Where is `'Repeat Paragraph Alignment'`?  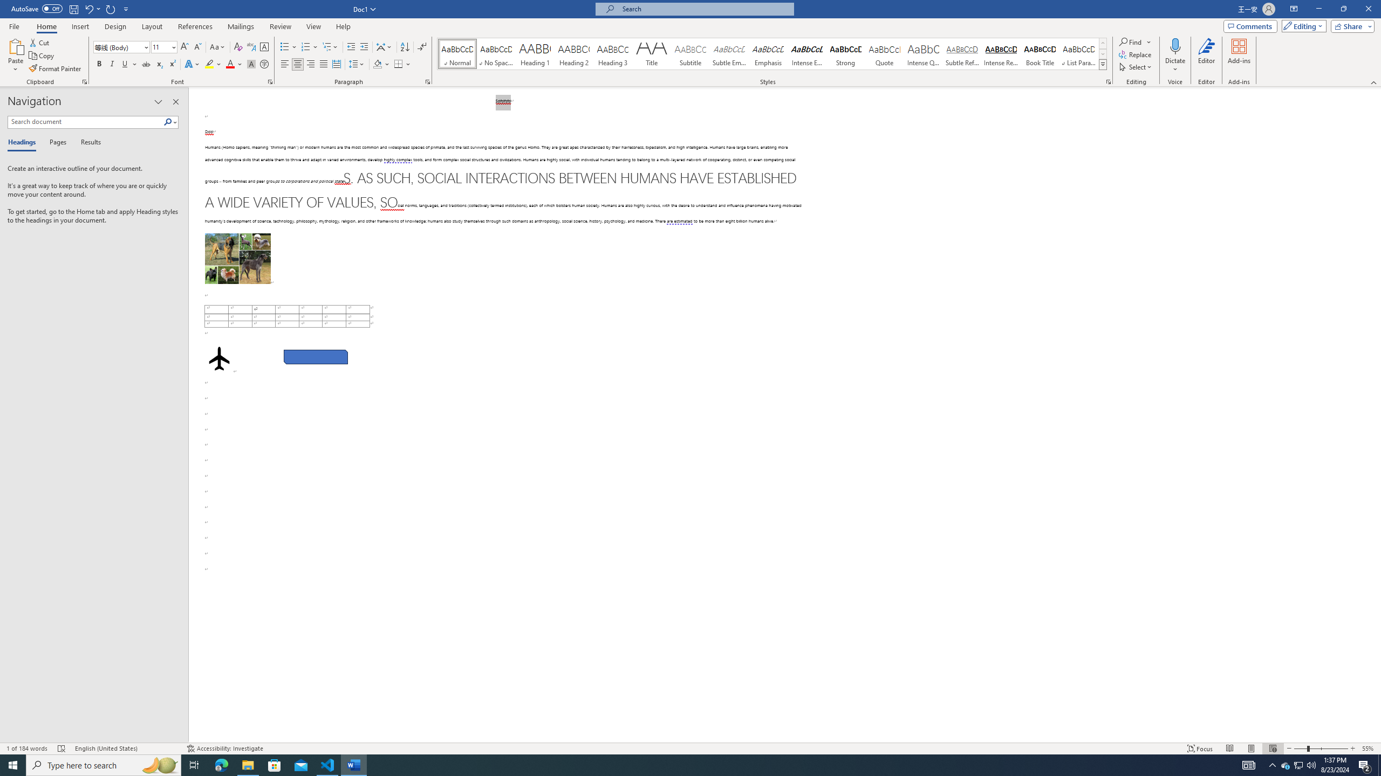
'Repeat Paragraph Alignment' is located at coordinates (111, 8).